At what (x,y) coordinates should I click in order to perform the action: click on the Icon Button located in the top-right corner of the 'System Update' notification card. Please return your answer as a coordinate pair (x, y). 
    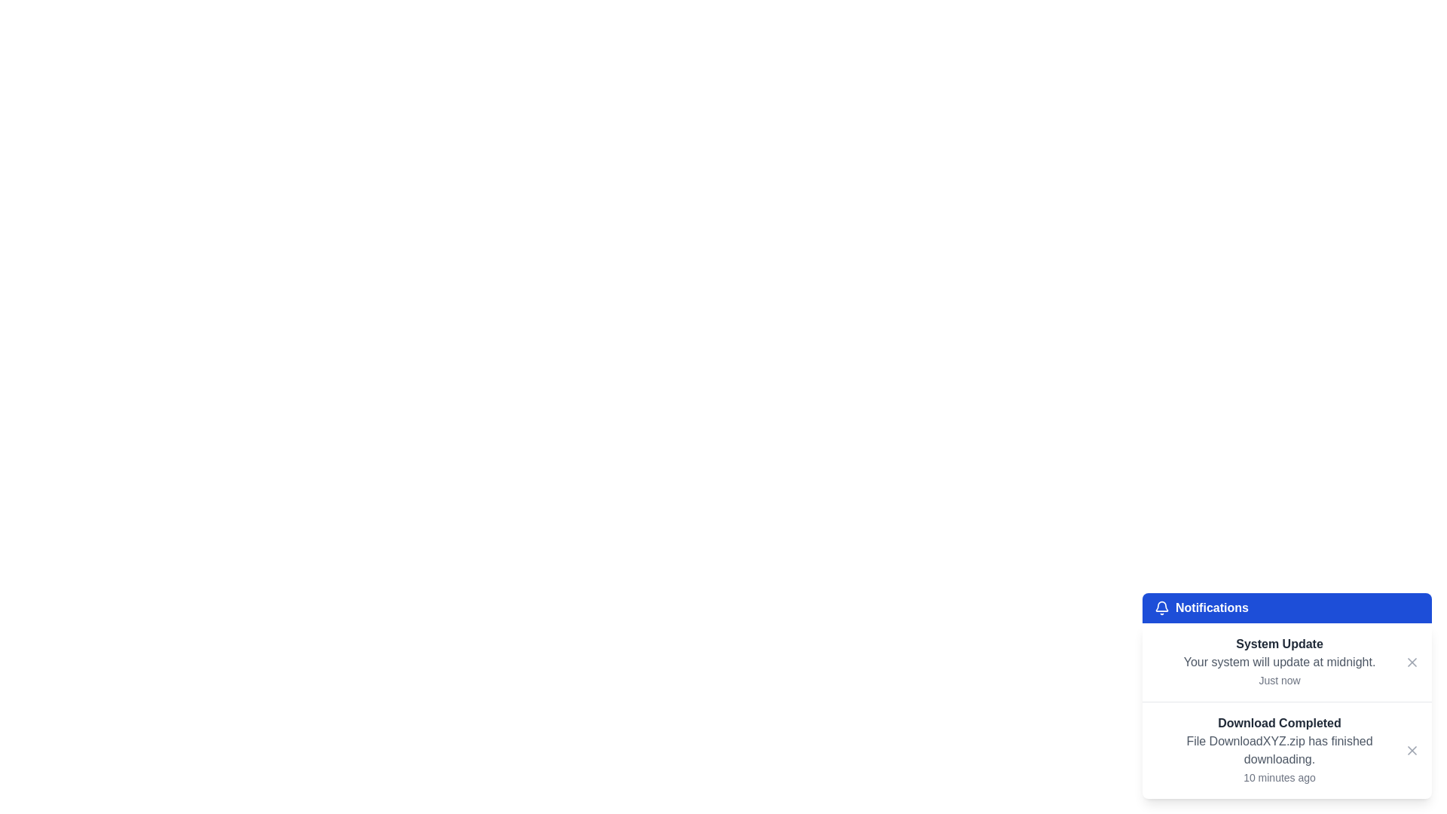
    Looking at the image, I should click on (1411, 662).